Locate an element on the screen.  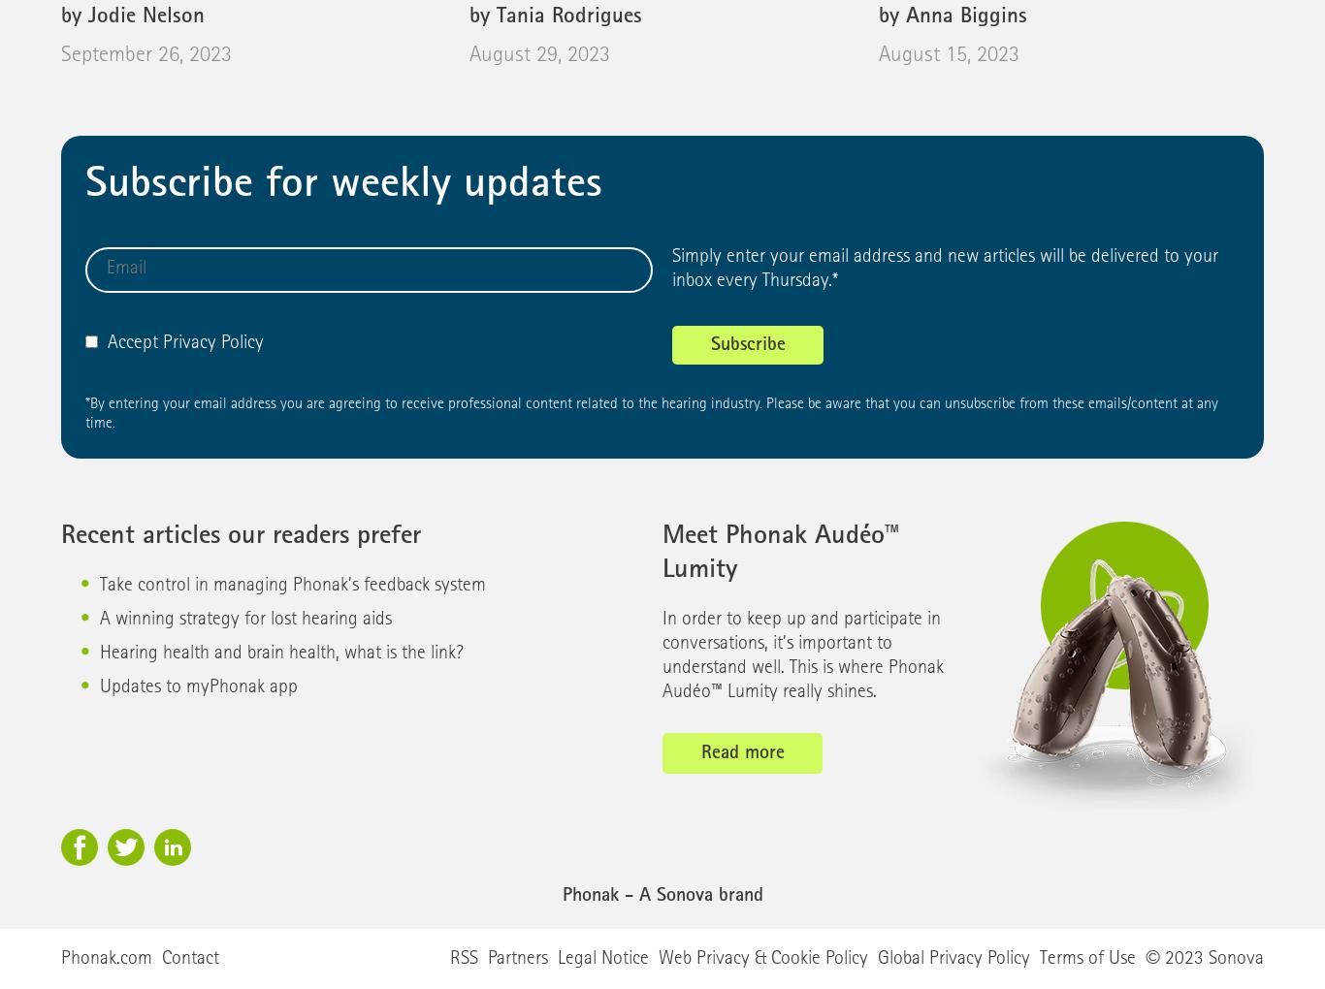
'Hearing health and brain health, what is the link?' is located at coordinates (99, 654).